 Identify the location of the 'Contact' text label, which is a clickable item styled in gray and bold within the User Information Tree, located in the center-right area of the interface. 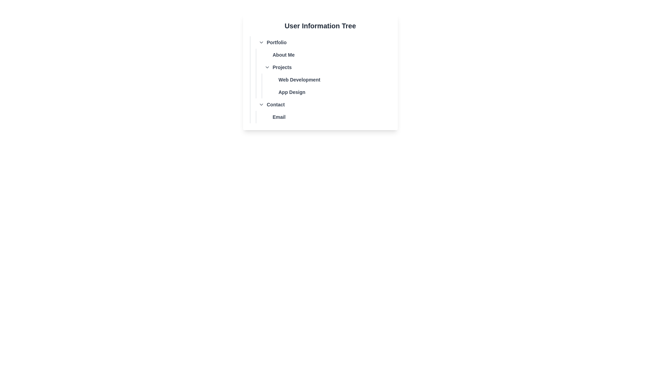
(275, 105).